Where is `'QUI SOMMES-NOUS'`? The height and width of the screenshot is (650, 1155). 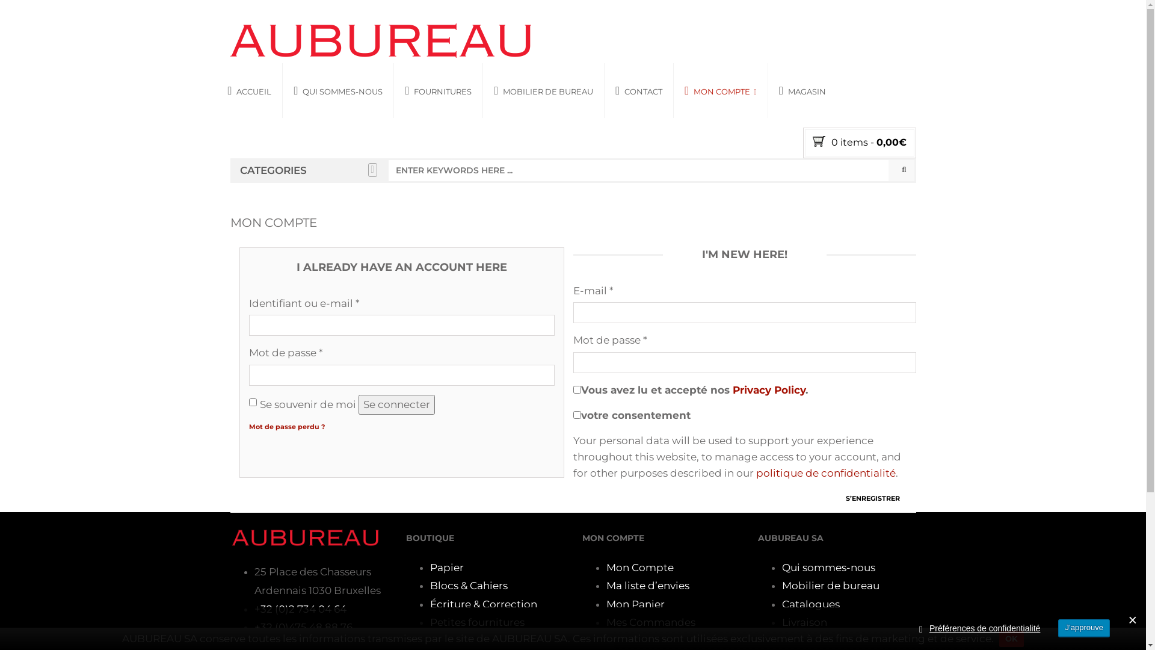 'QUI SOMMES-NOUS' is located at coordinates (337, 90).